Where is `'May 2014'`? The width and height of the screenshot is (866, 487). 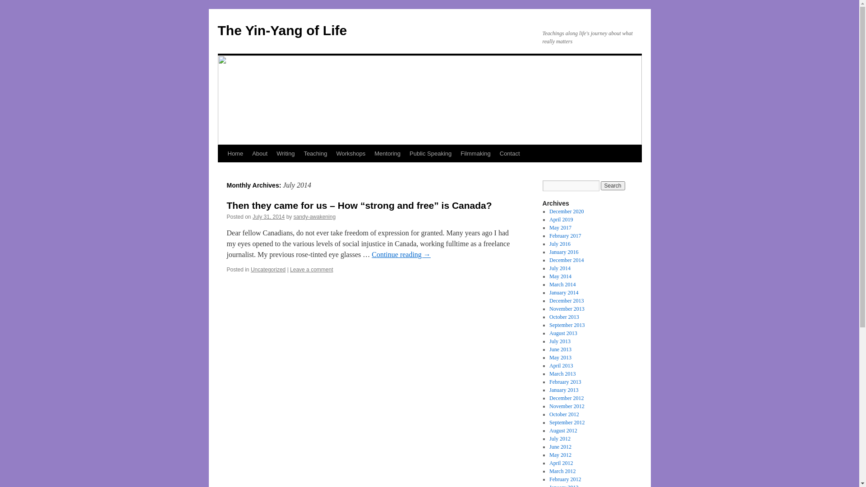 'May 2014' is located at coordinates (549, 276).